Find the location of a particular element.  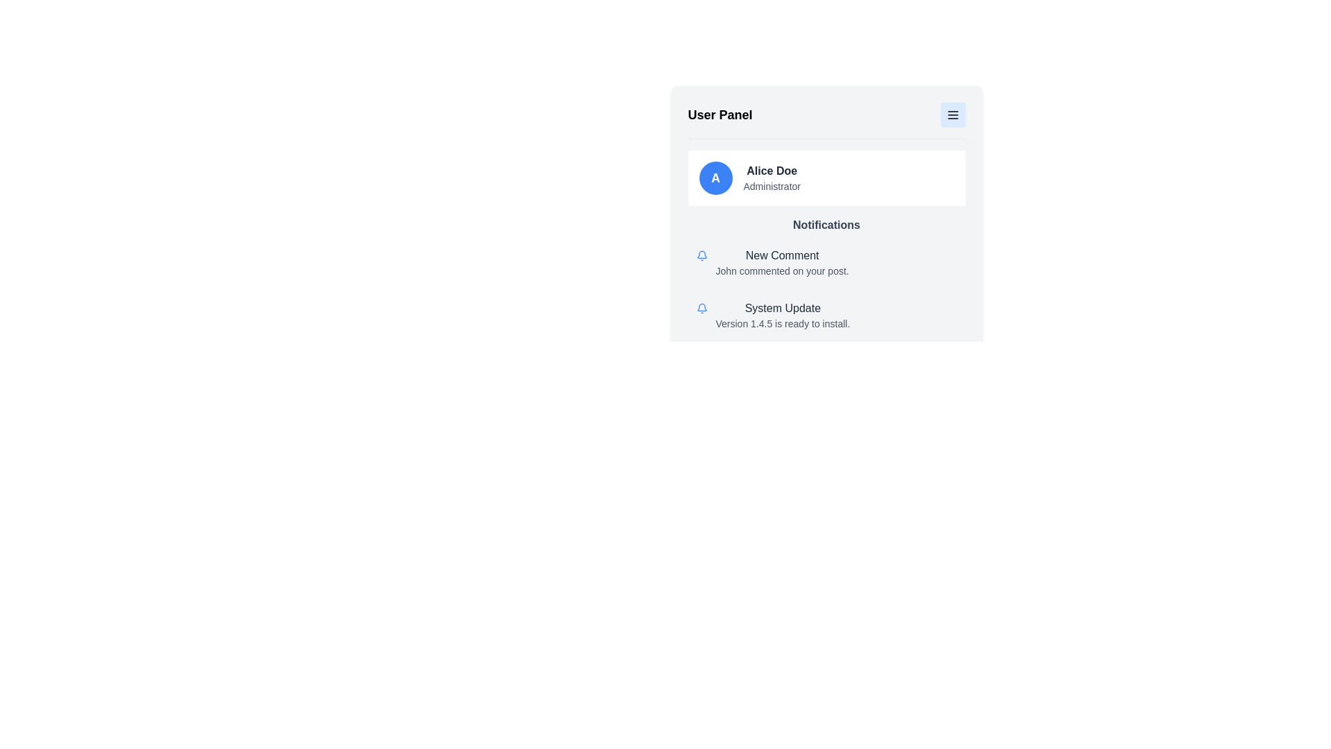

the Static text element indicating 'System Update' in the Notifications section under the User Panel is located at coordinates (783, 307).